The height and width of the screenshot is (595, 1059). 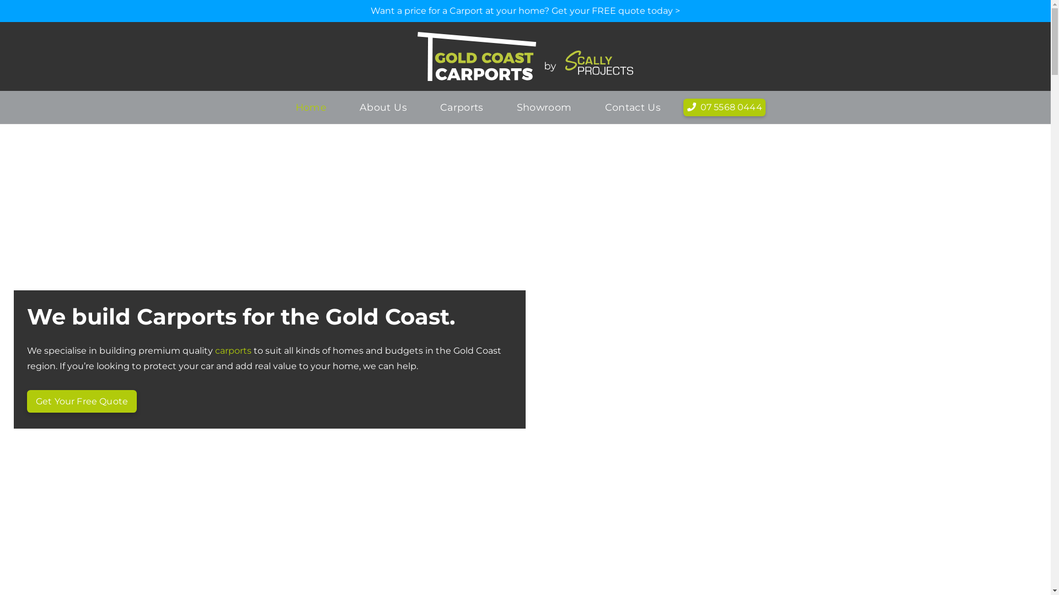 What do you see at coordinates (633, 107) in the screenshot?
I see `'Contact Us'` at bounding box center [633, 107].